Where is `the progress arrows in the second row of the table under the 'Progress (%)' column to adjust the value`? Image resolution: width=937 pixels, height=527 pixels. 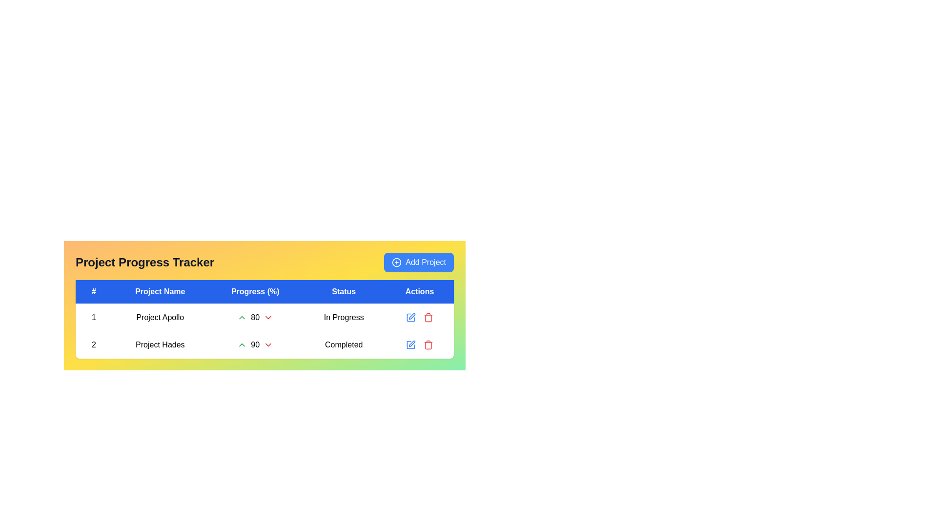 the progress arrows in the second row of the table under the 'Progress (%)' column to adjust the value is located at coordinates (265, 330).